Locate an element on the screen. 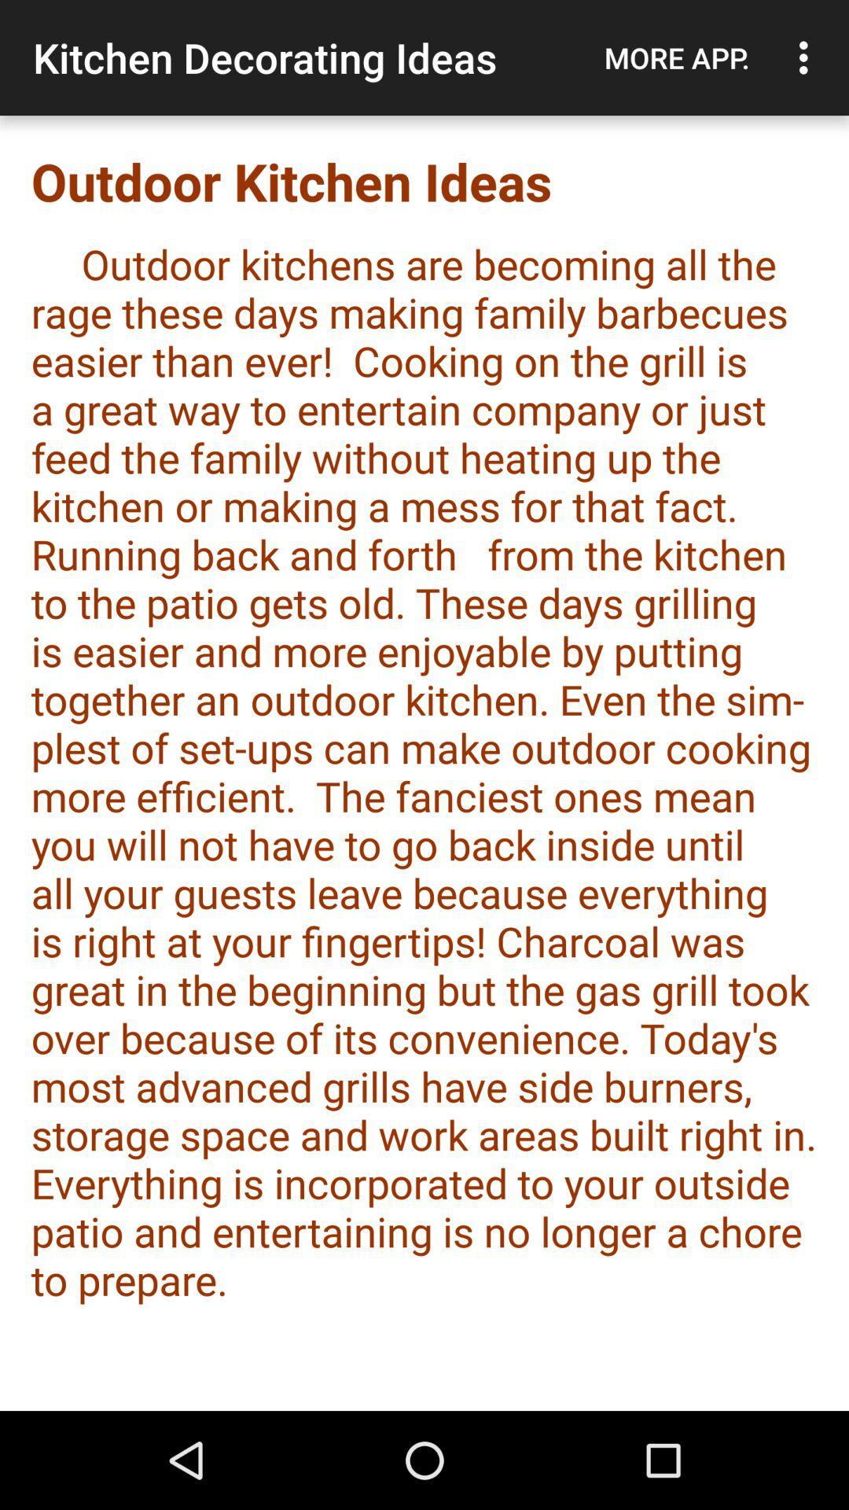  the icon next to the kitchen decorating ideas icon is located at coordinates (676, 57).